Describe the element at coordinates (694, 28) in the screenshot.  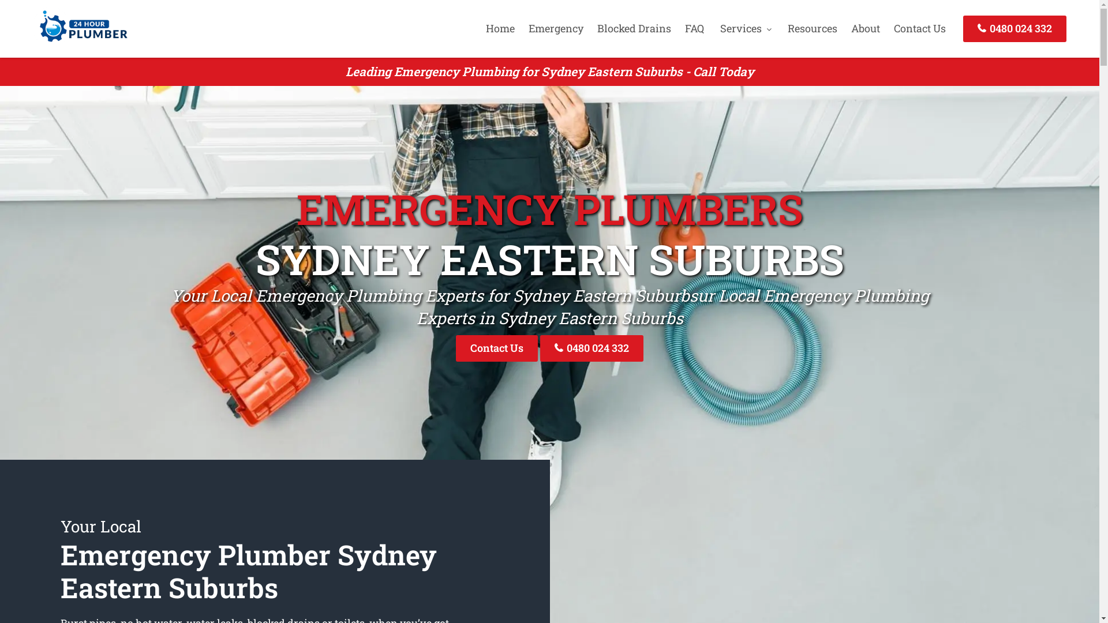
I see `'FAQ'` at that location.